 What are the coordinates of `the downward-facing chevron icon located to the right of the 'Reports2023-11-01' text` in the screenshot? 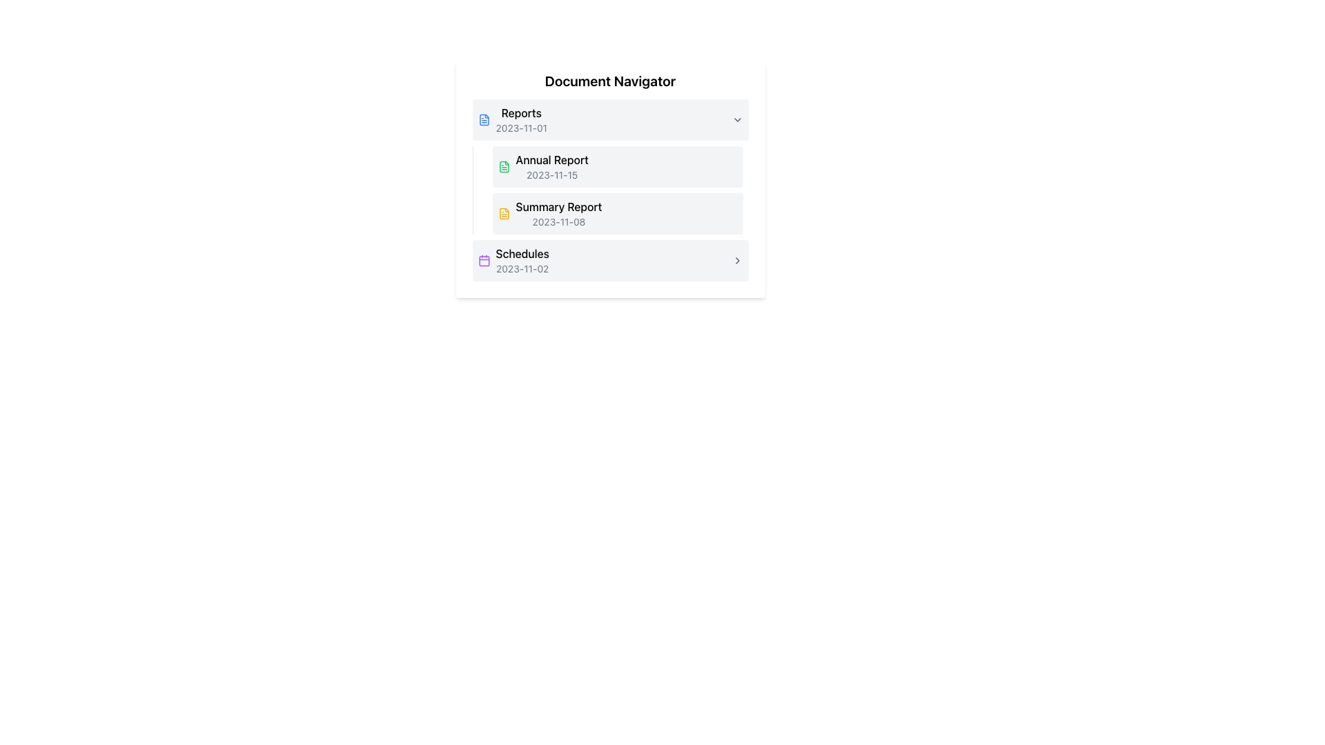 It's located at (736, 119).